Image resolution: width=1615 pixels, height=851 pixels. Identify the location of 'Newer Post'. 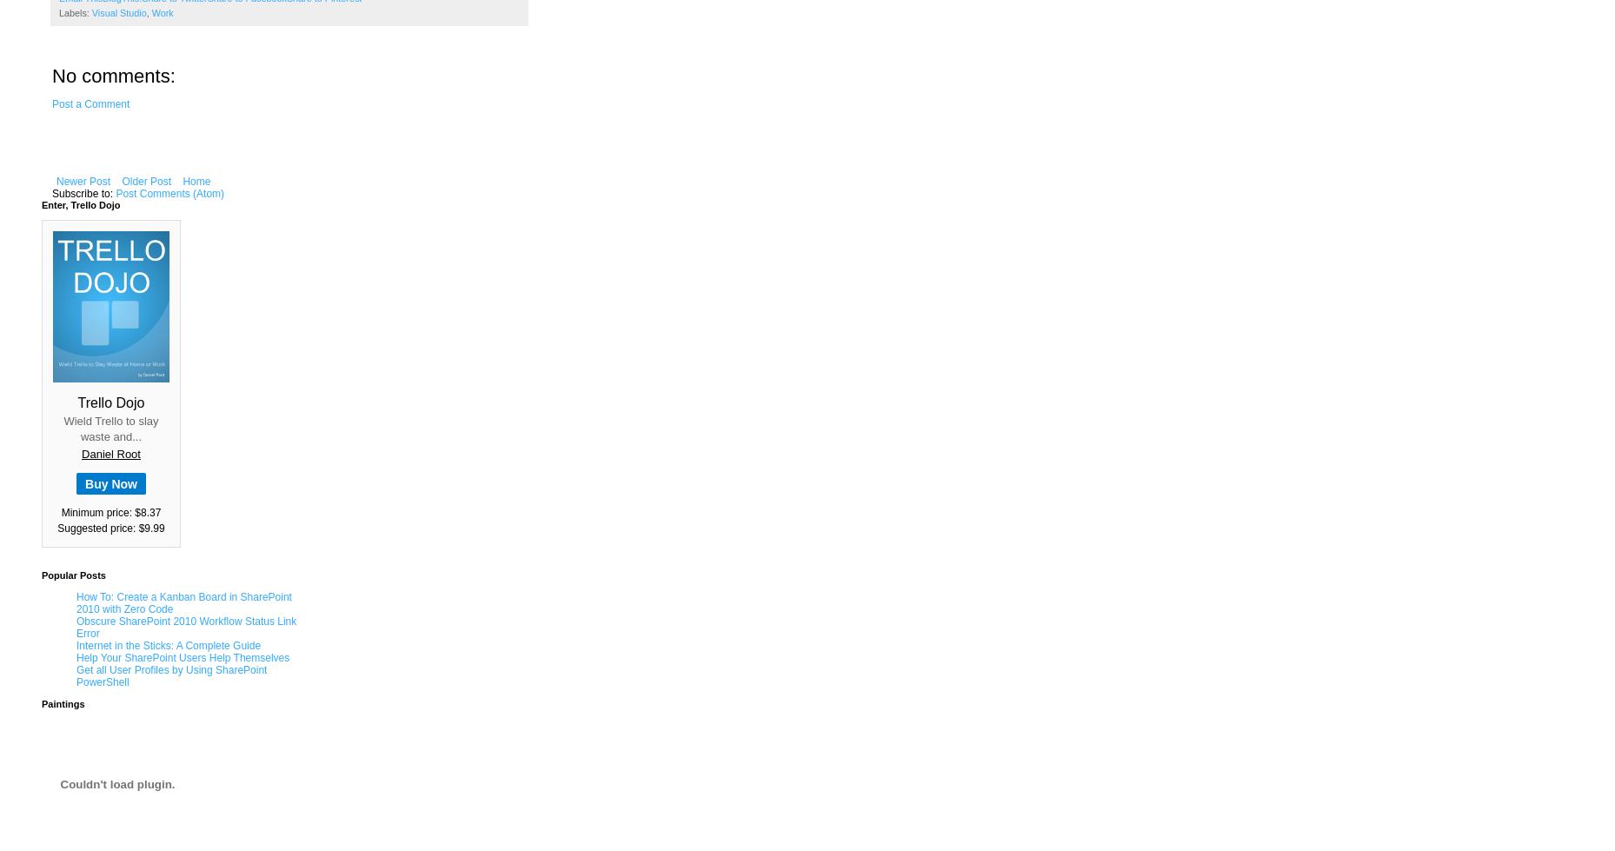
(56, 182).